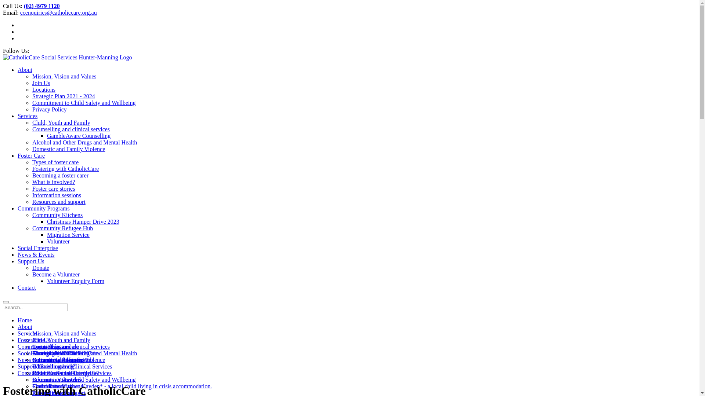 The height and width of the screenshot is (396, 705). I want to click on 'Christmas Hamper Drive 2023', so click(83, 221).